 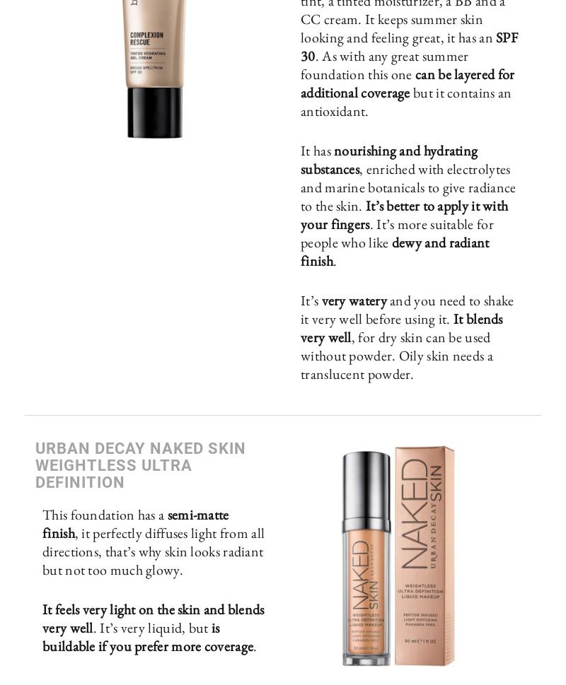 What do you see at coordinates (408, 45) in the screenshot?
I see `'SPF 30'` at bounding box center [408, 45].